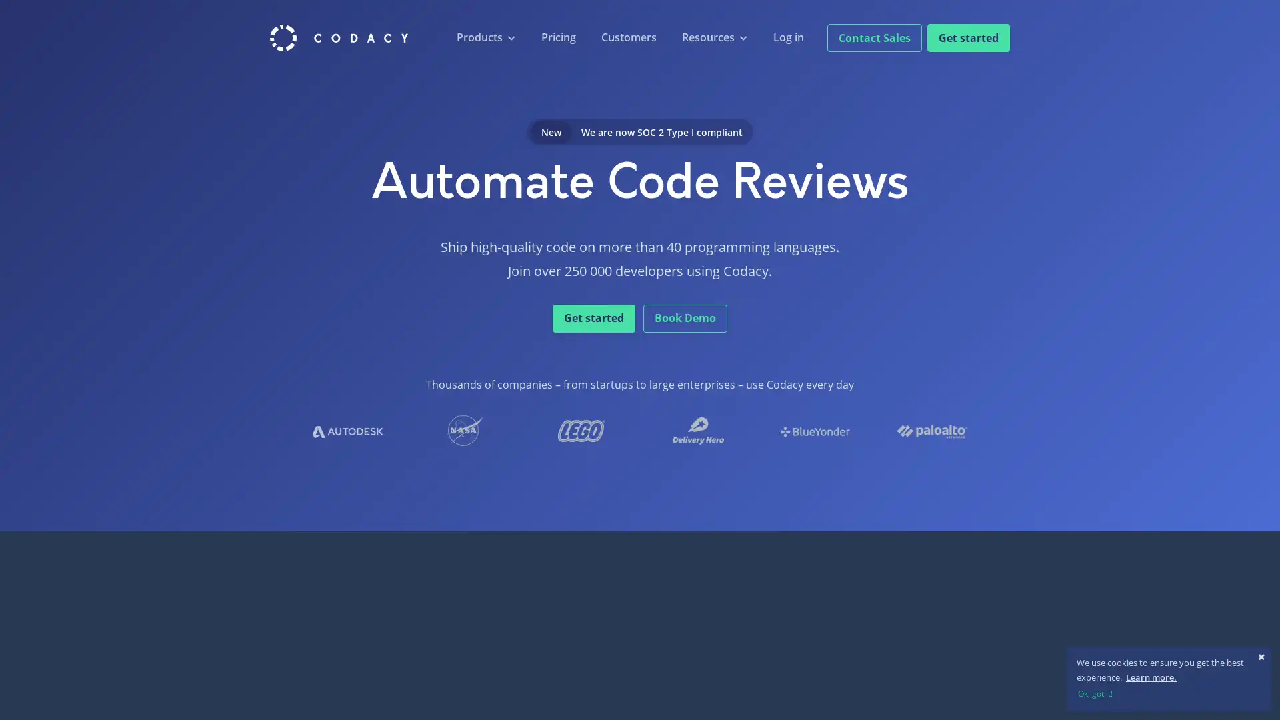  Describe the element at coordinates (1167, 692) in the screenshot. I see `dismiss cookie message` at that location.